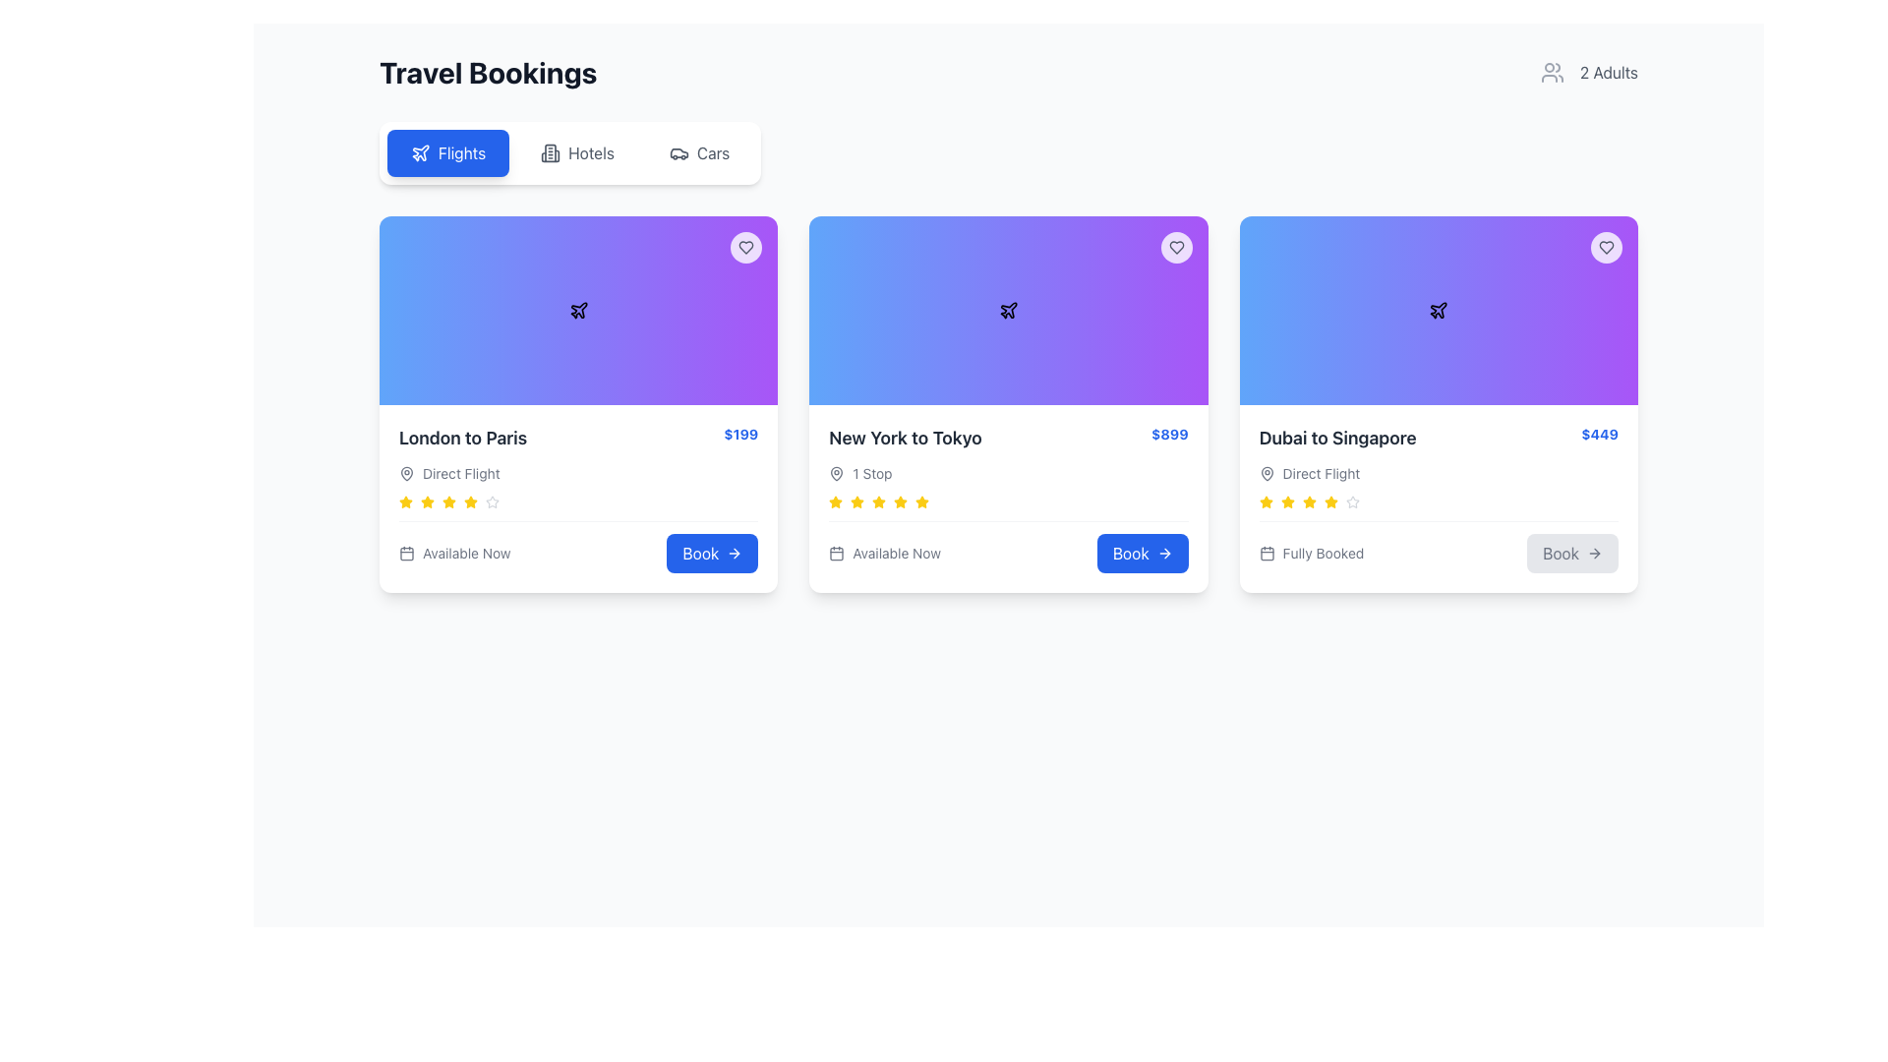  What do you see at coordinates (678, 151) in the screenshot?
I see `the left part of the car icon, which is a minimalist representation showing lines and shapes outlining a vehicle's structure, located to the left of the circular shapes representing wheels` at bounding box center [678, 151].